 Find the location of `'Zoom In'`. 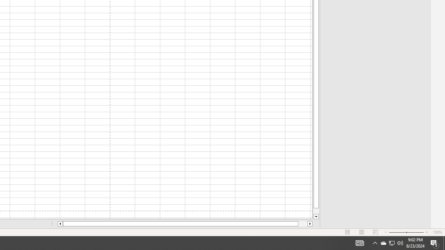

'Zoom In' is located at coordinates (426, 232).